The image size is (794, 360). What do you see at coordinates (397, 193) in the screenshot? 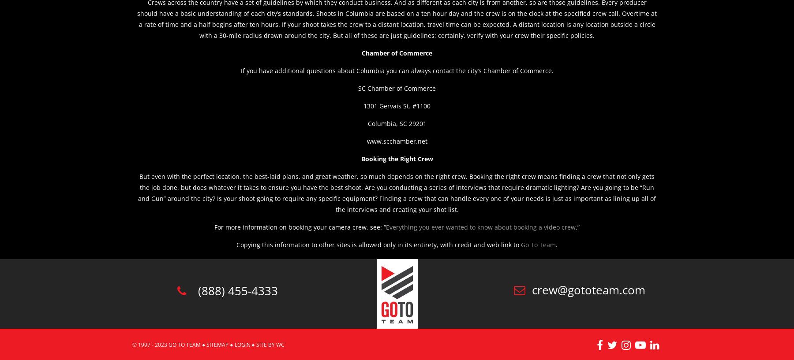
I see `'But even with the perfect location, the best-laid plans, and great weather, so much depends on the right crew. Booking the right crew means finding a crew that not only gets the job done, but does whatever it takes to ensure you have the best shoot. Are you conducting a series of interviews that require dramatic lighting? Are you going to be “Run and Gun” around the city? Is your shoot going to require any specific equipment? Finding a crew that can handle every one of your needs is just as important as lining up all of the interviews and creating your shot list.'` at bounding box center [397, 193].